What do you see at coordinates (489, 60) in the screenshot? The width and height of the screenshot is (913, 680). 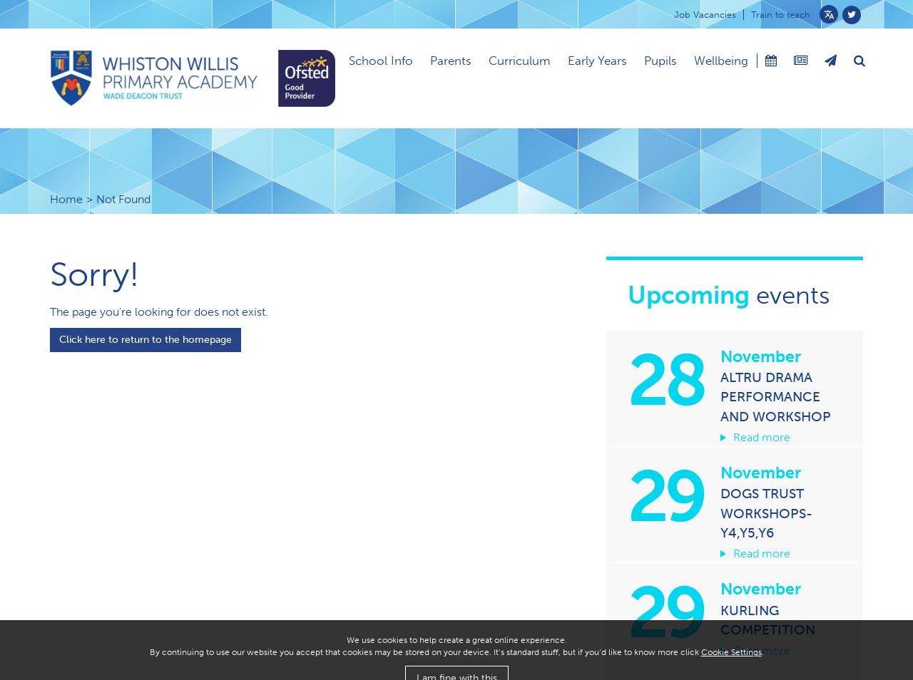 I see `'Curriculum'` at bounding box center [489, 60].